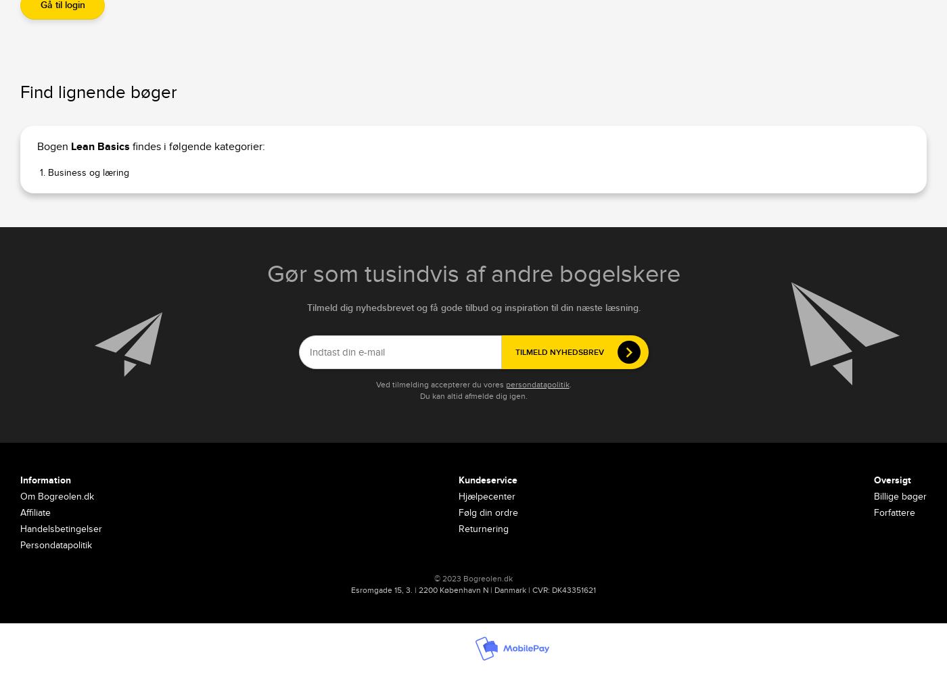  I want to click on 'Oversigt', so click(892, 479).